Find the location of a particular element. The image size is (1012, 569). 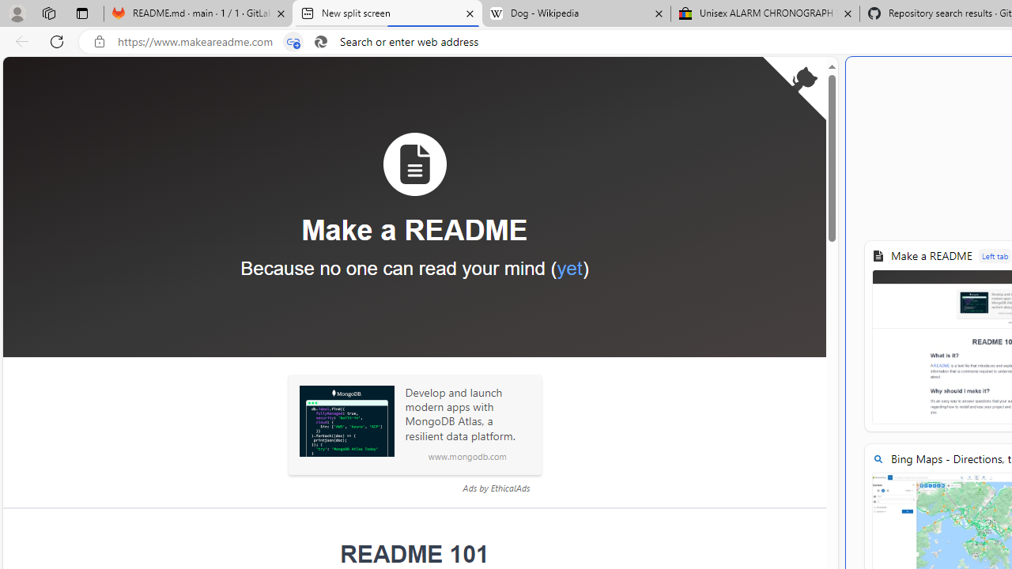

'New split screen' is located at coordinates (387, 13).